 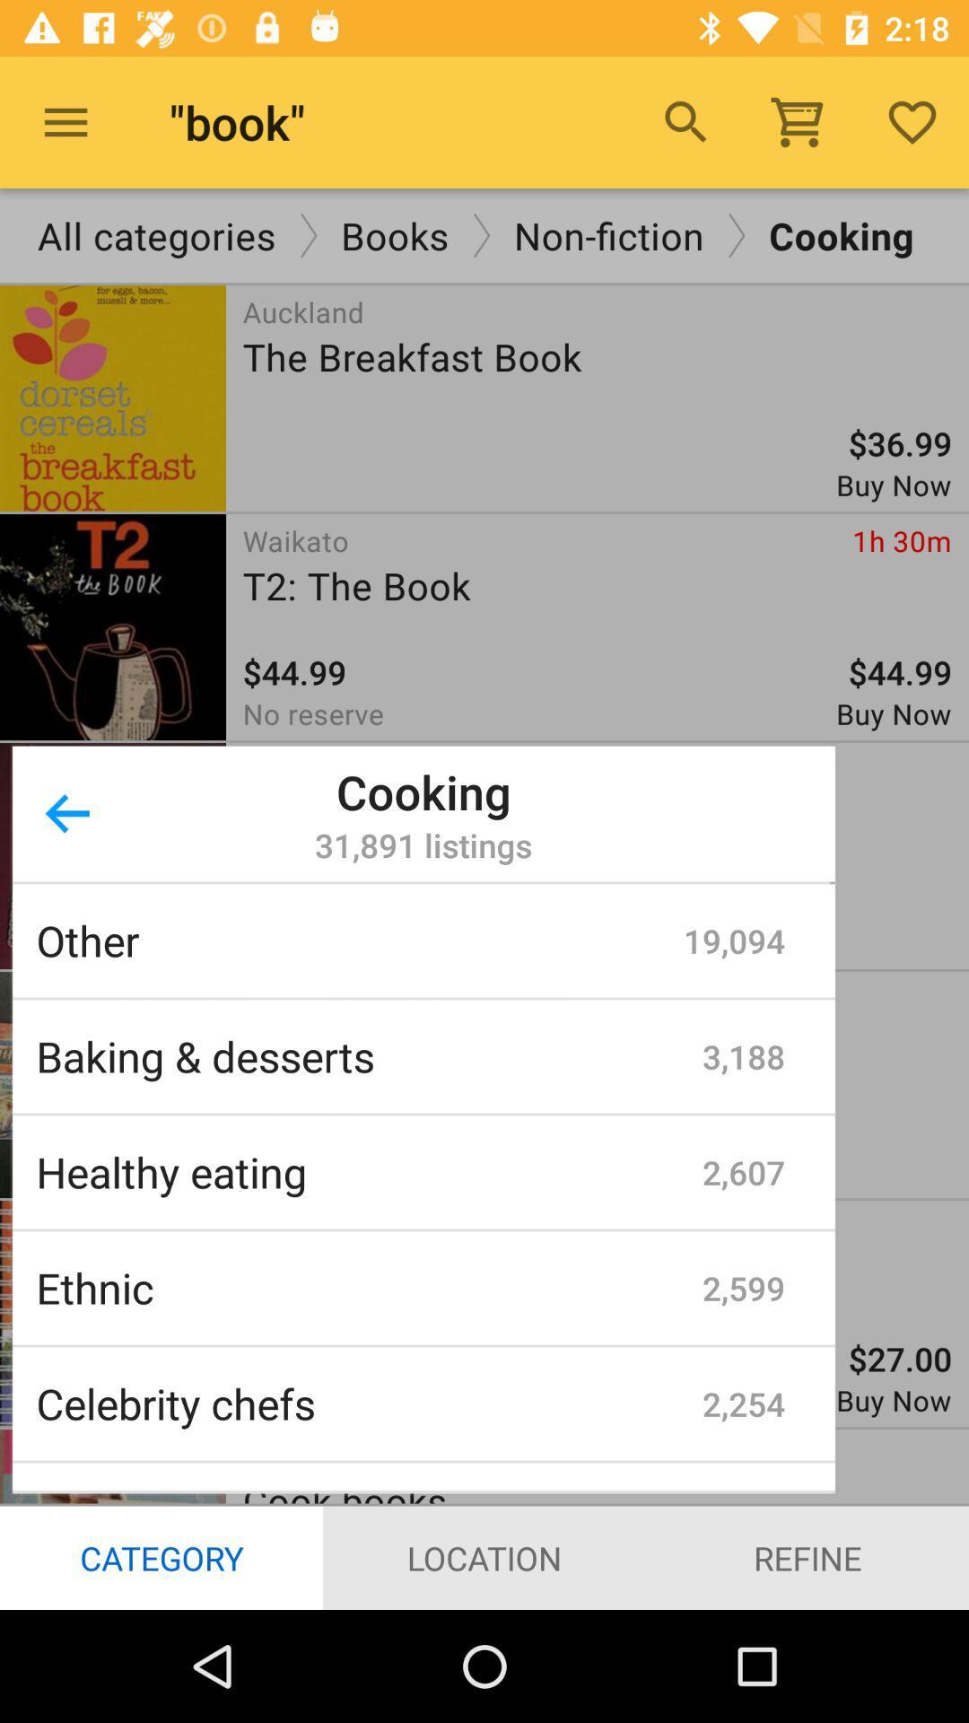 What do you see at coordinates (368, 1056) in the screenshot?
I see `the item to the left of 3,188` at bounding box center [368, 1056].